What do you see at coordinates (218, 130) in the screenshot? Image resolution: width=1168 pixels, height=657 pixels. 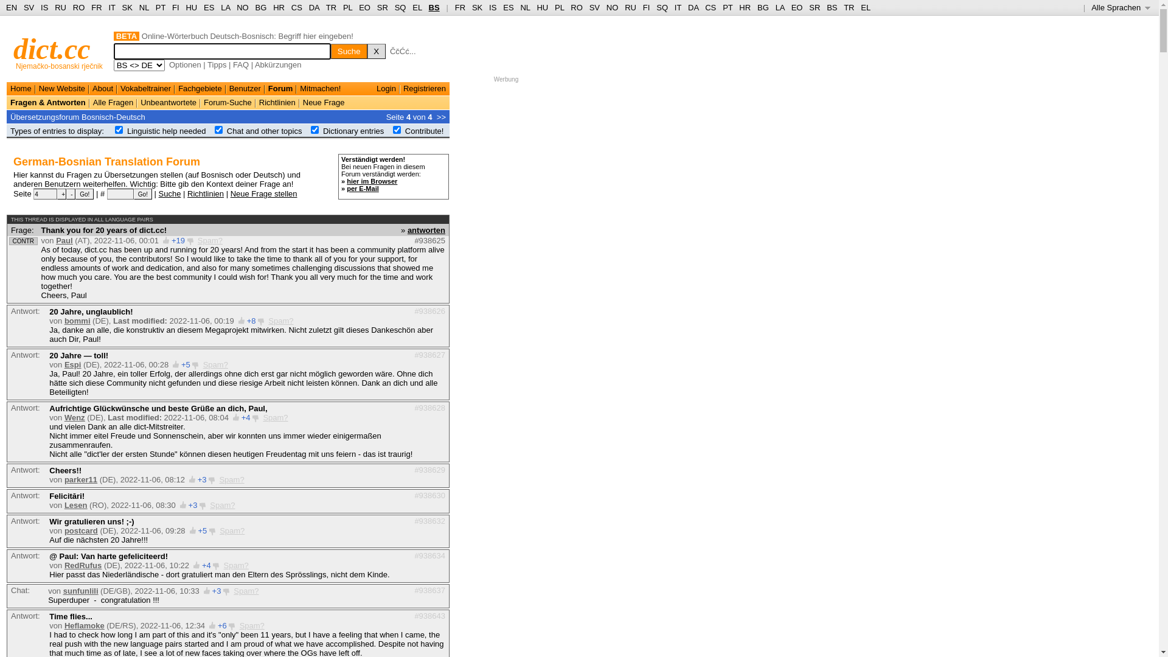 I see `'on'` at bounding box center [218, 130].